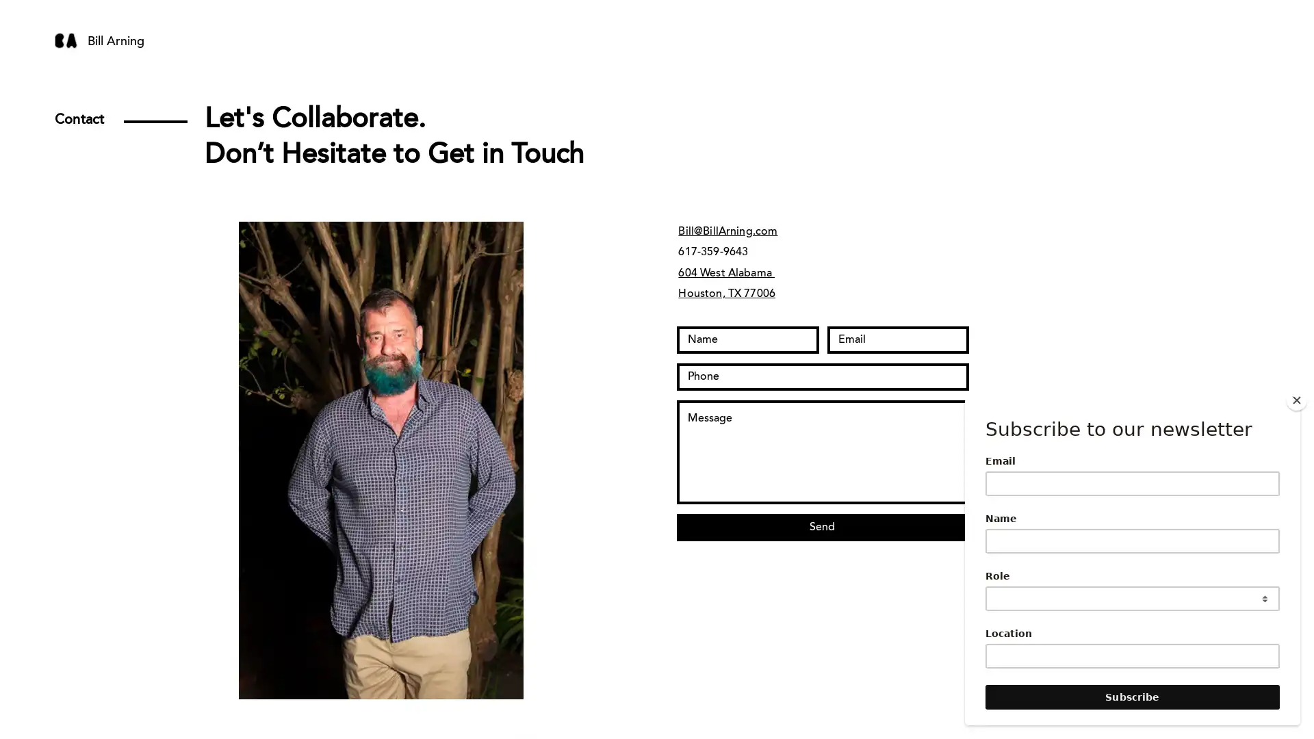  Describe the element at coordinates (821, 527) in the screenshot. I see `Send` at that location.